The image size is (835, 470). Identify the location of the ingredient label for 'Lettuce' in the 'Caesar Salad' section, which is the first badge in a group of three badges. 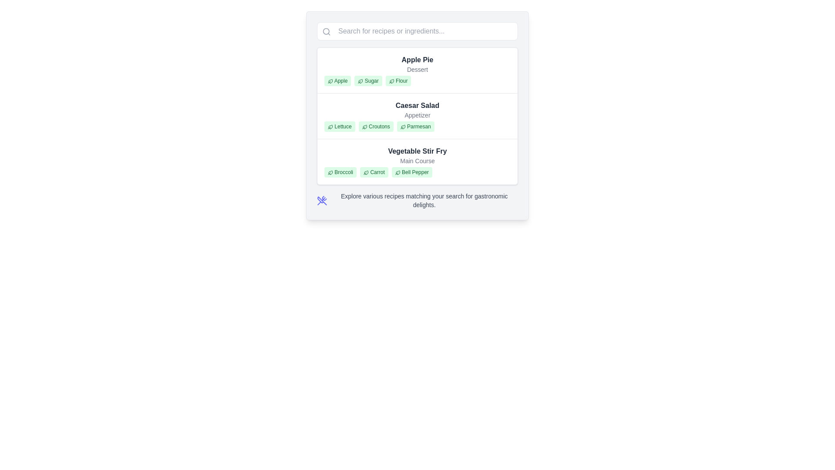
(339, 126).